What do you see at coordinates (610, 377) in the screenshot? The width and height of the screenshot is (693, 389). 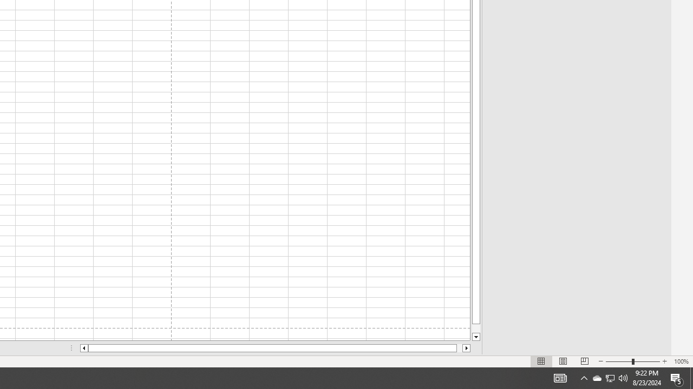 I see `'User Promoted Notification Area'` at bounding box center [610, 377].